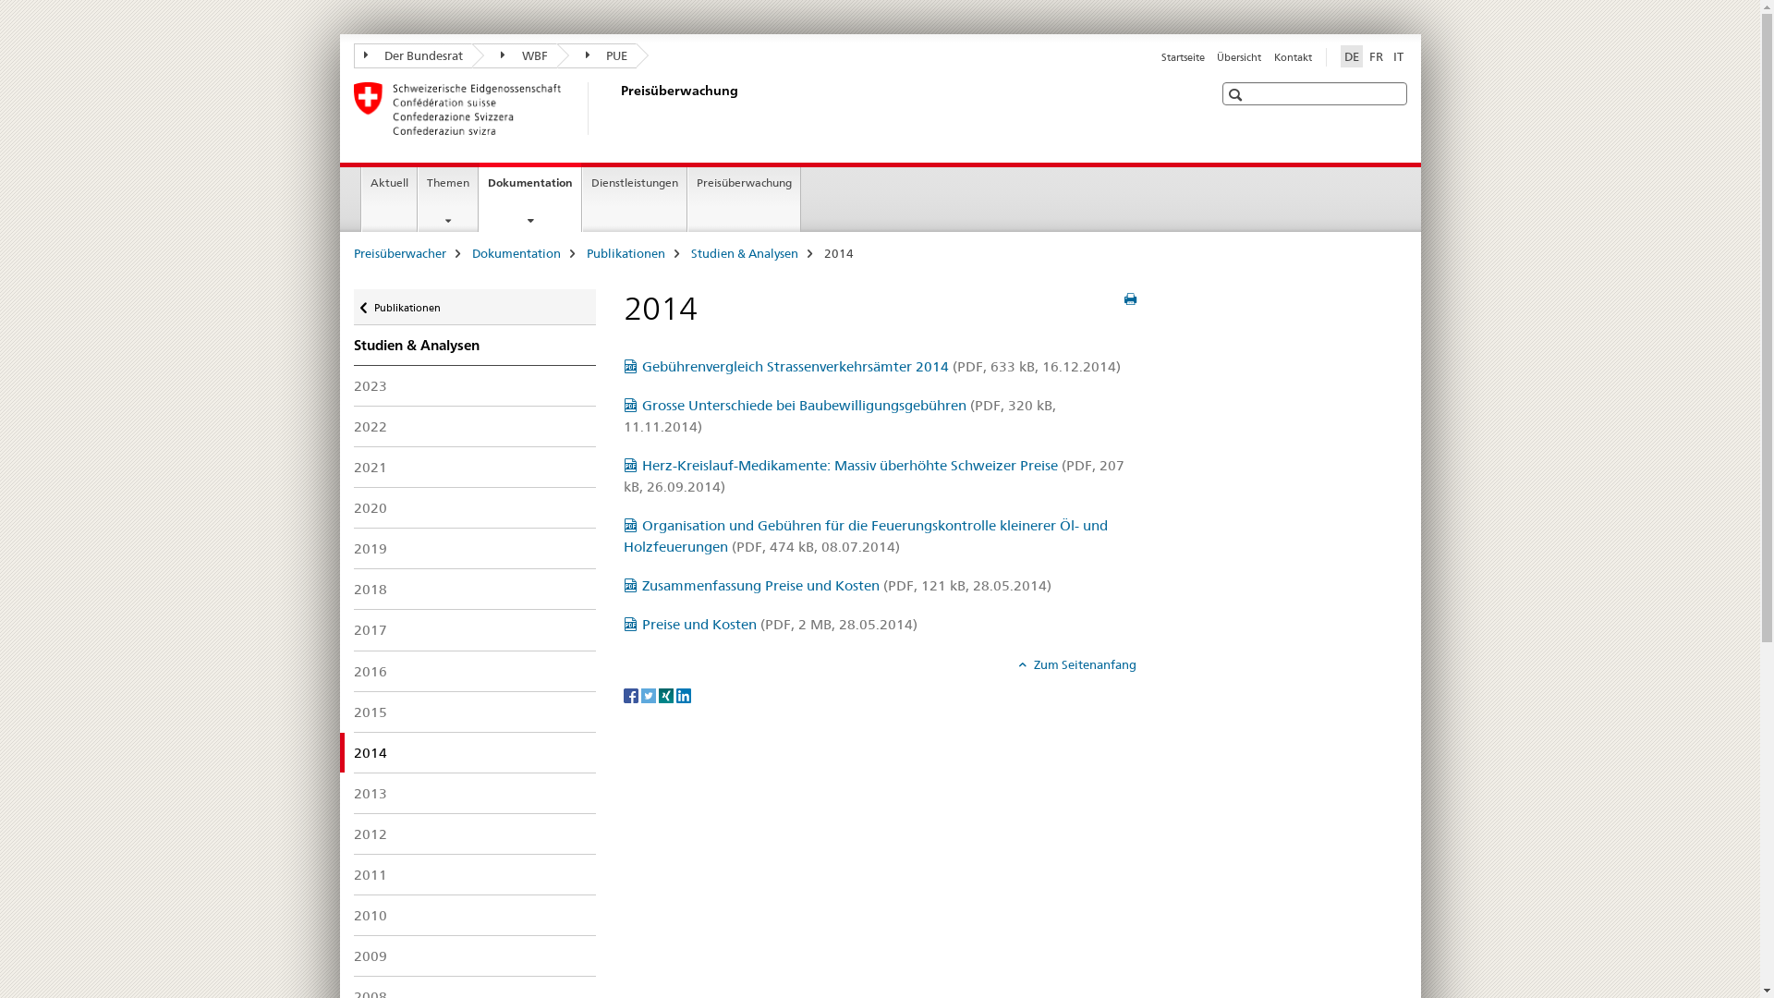 This screenshot has width=1774, height=998. I want to click on '2022', so click(474, 426).